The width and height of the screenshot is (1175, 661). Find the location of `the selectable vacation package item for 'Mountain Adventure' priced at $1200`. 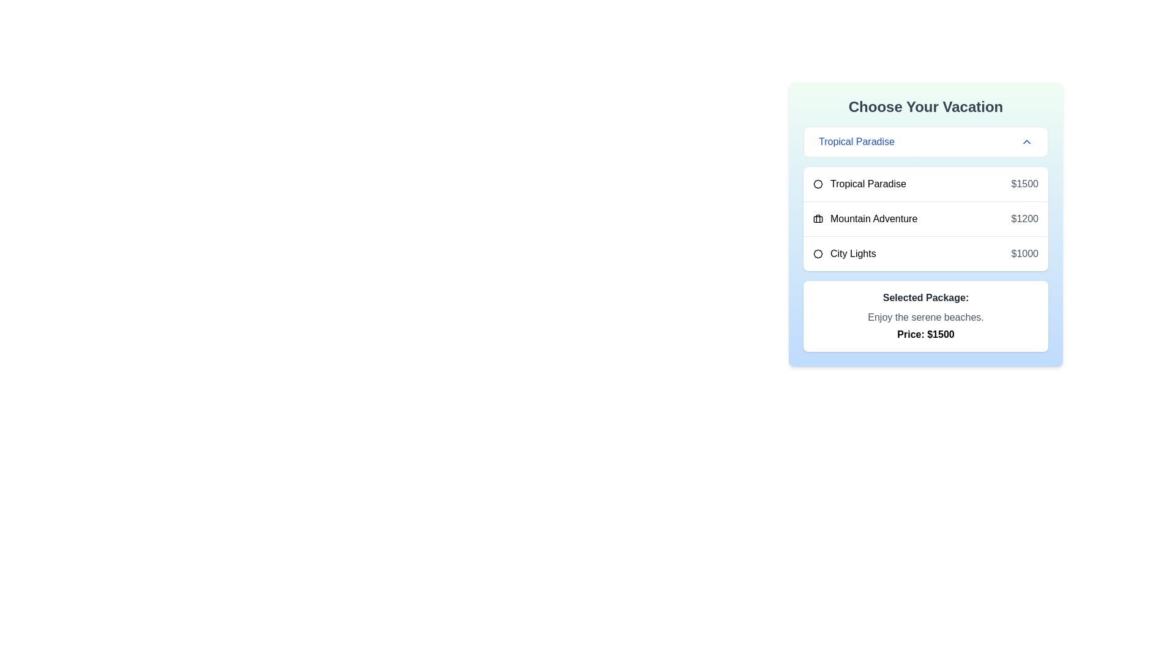

the selectable vacation package item for 'Mountain Adventure' priced at $1200 is located at coordinates (925, 218).